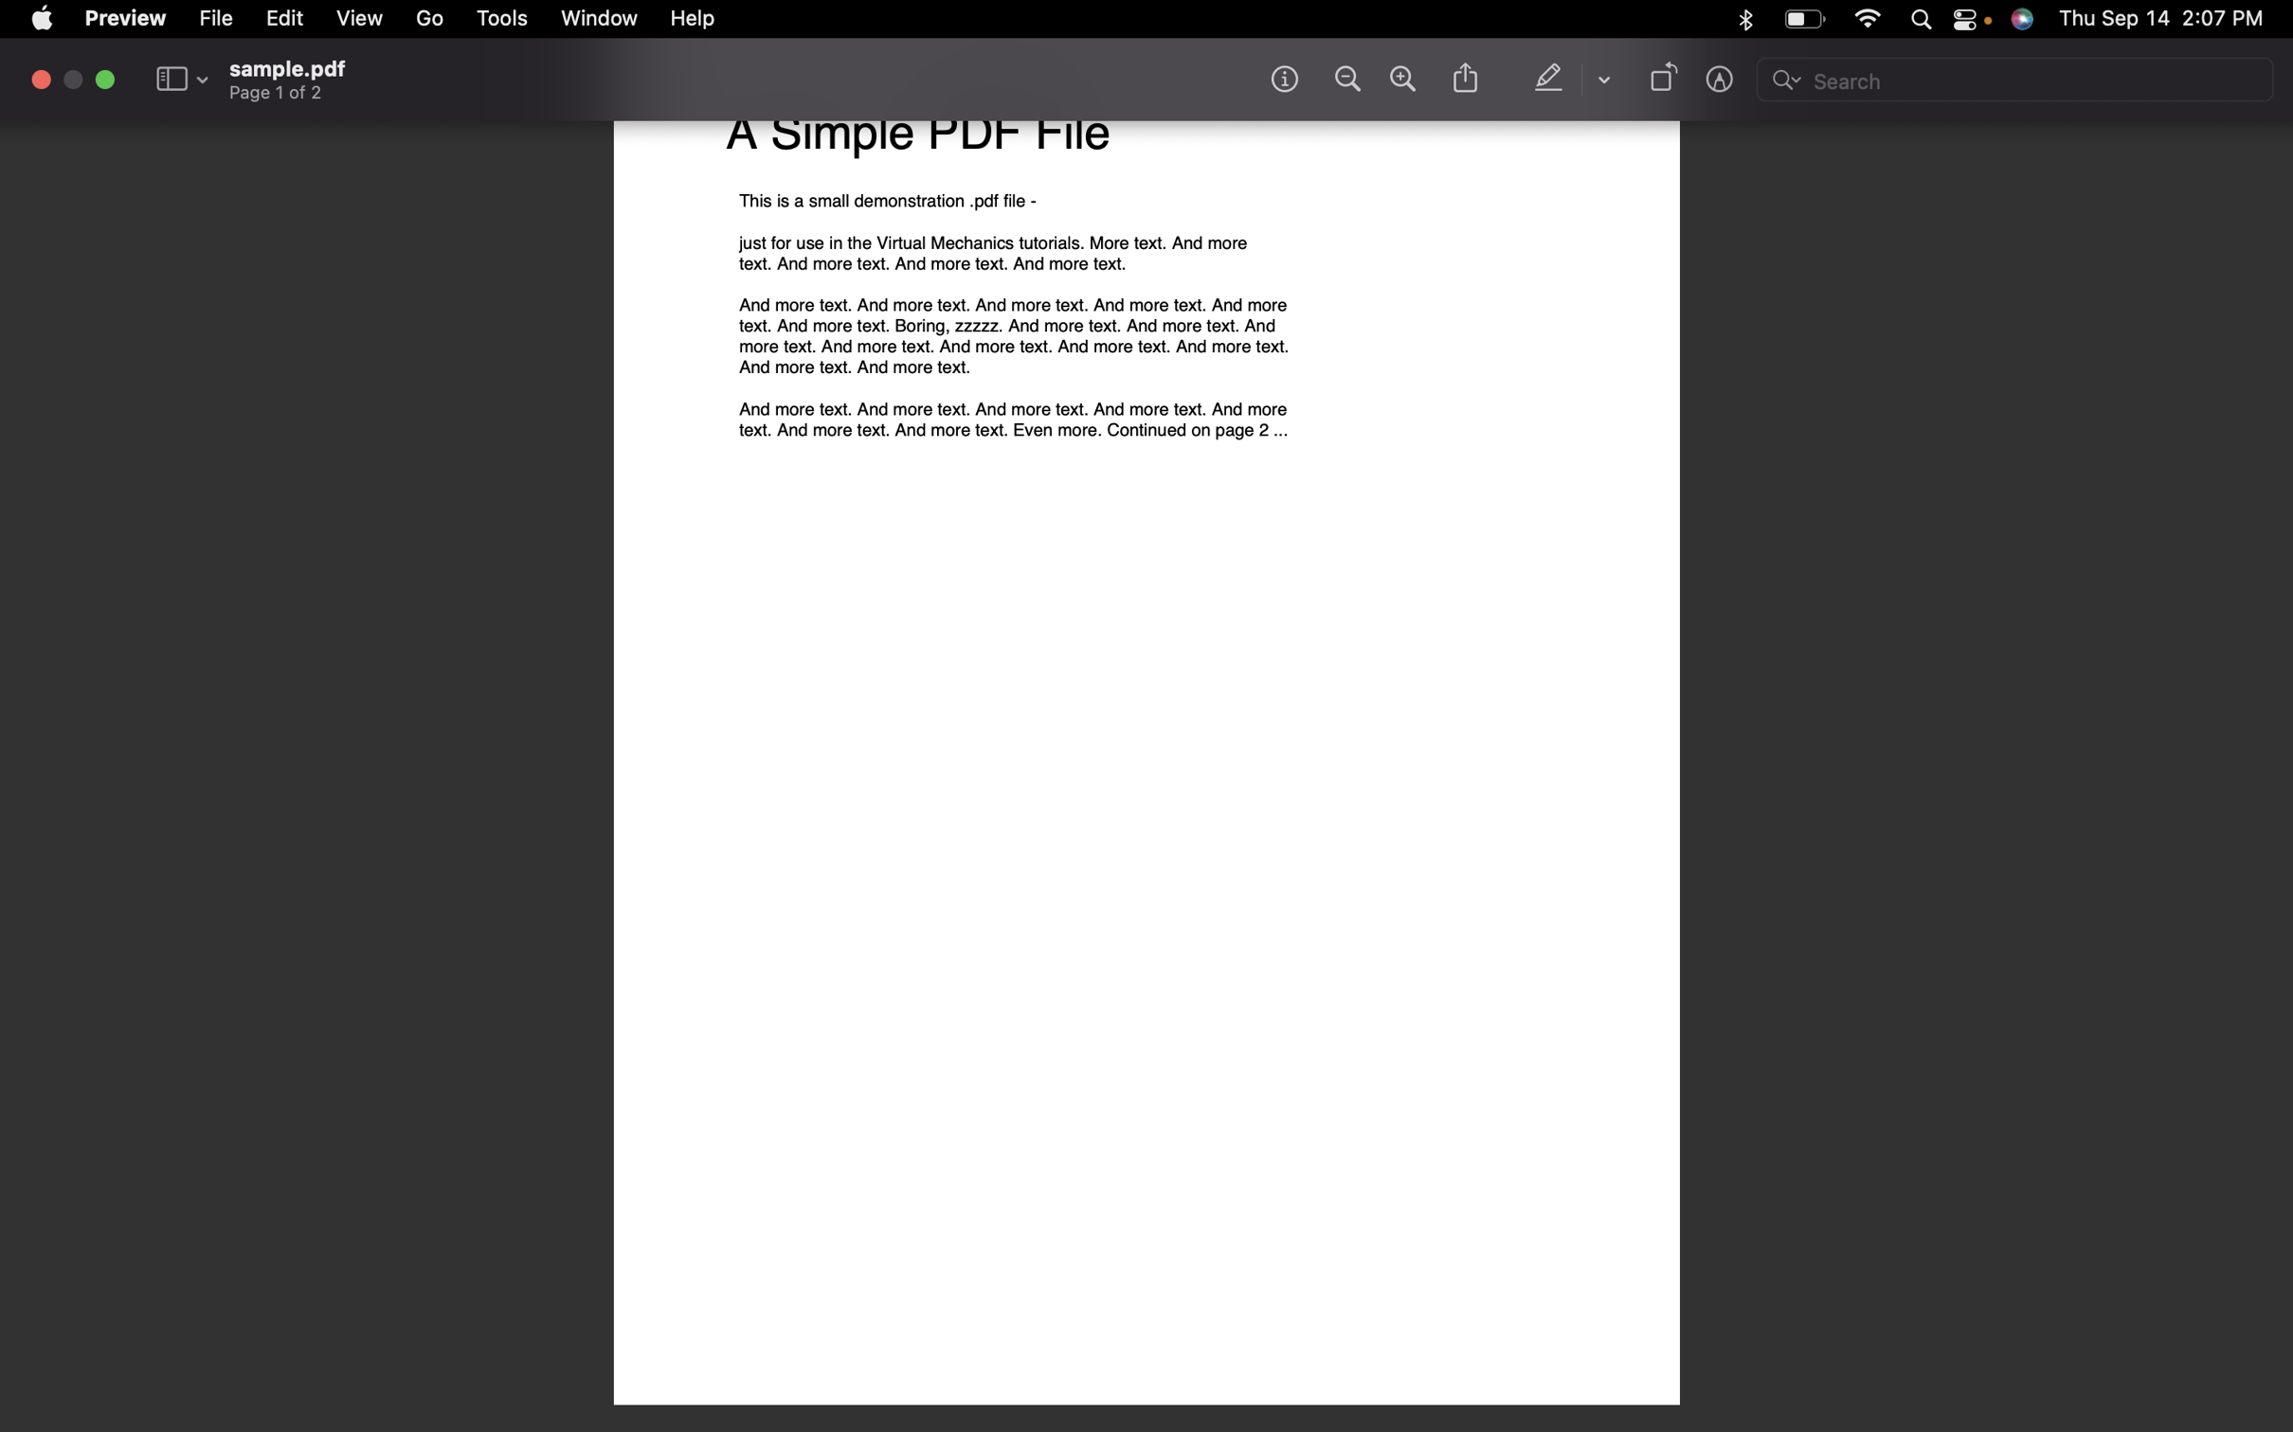 Image resolution: width=2293 pixels, height=1432 pixels. I want to click on Send the file through the Messages app, so click(1463, 80).